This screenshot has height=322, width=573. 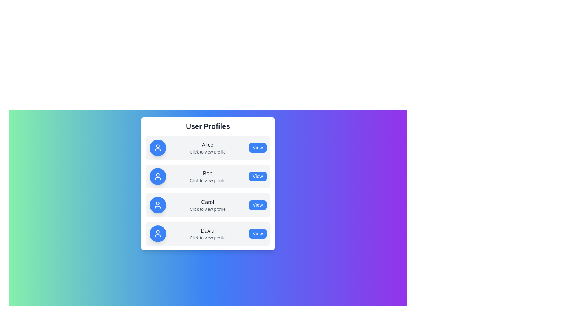 I want to click on the user profile card for 'Bob' using keyboard navigation, which is the second item in the vertically arranged list of user cards, so click(x=208, y=176).